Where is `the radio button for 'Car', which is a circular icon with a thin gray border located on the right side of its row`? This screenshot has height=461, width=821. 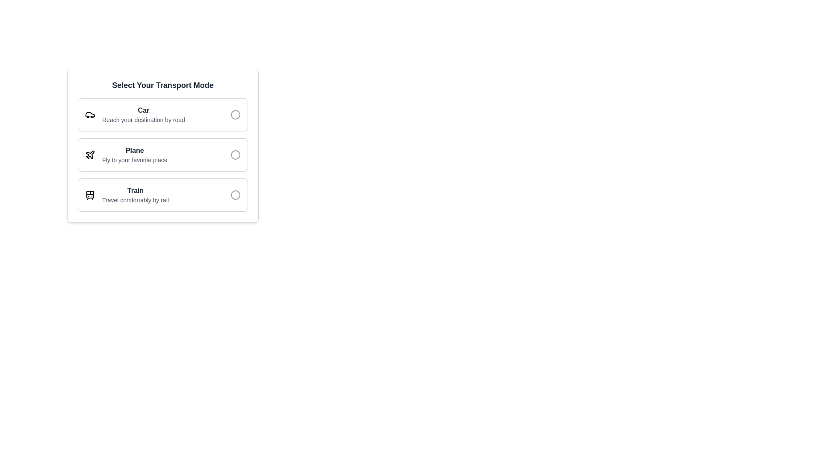 the radio button for 'Car', which is a circular icon with a thin gray border located on the right side of its row is located at coordinates (236, 114).